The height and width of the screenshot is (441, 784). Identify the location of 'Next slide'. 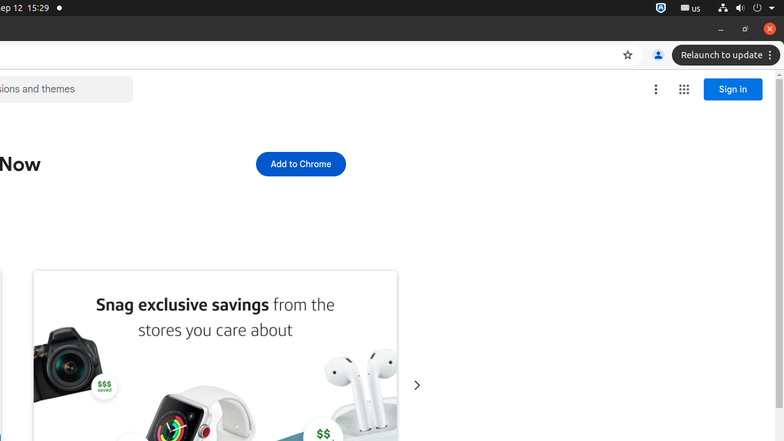
(417, 385).